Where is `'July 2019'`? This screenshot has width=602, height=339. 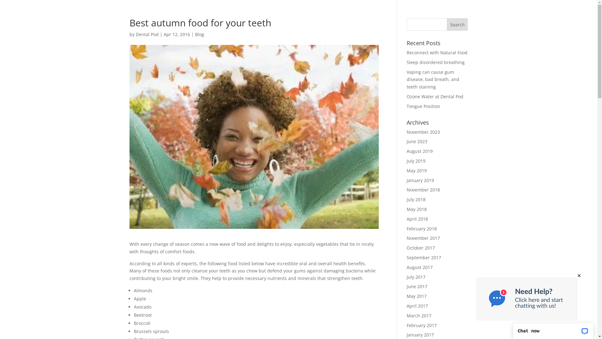 'July 2019' is located at coordinates (416, 160).